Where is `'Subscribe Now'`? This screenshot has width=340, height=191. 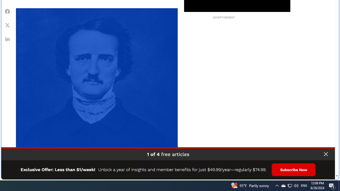
'Subscribe Now' is located at coordinates (293, 170).